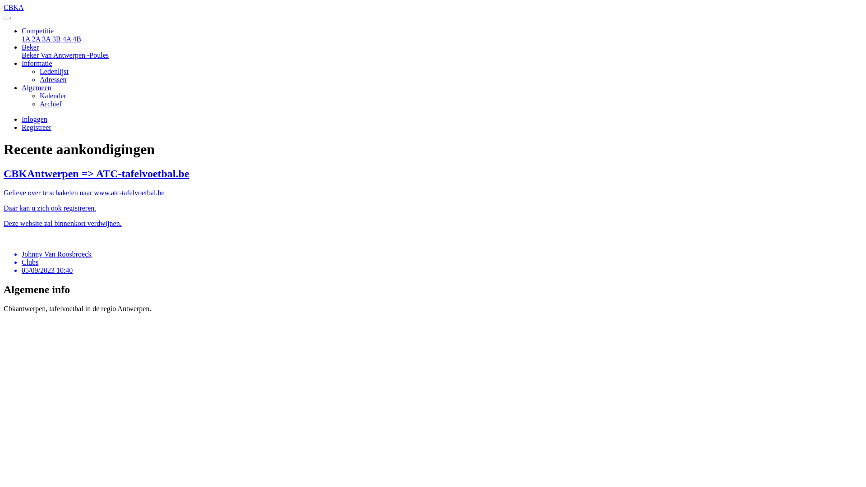  What do you see at coordinates (36, 87) in the screenshot?
I see `'Algemeen'` at bounding box center [36, 87].